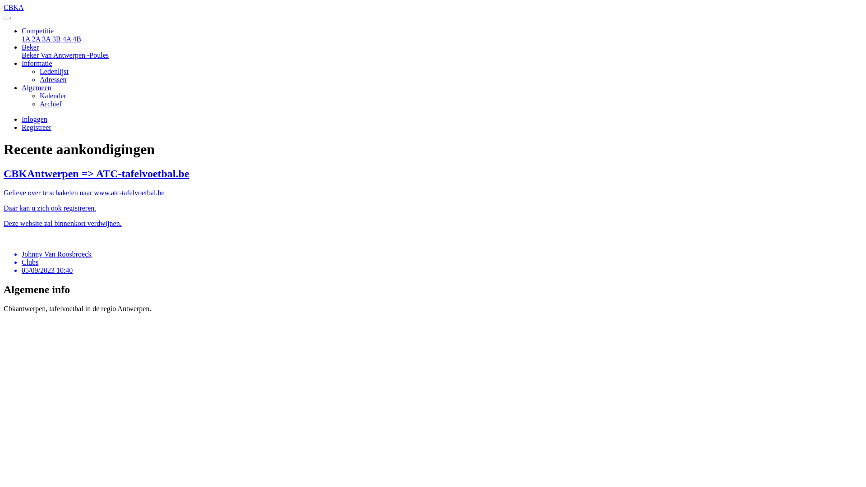  What do you see at coordinates (36, 87) in the screenshot?
I see `'Algemeen'` at bounding box center [36, 87].